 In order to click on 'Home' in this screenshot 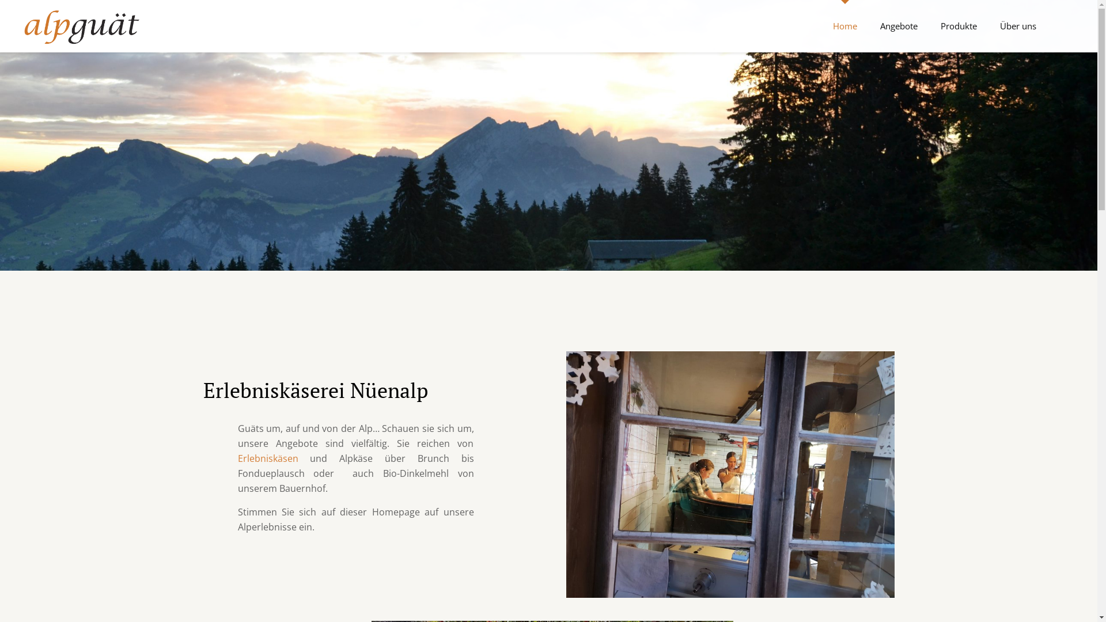, I will do `click(845, 26)`.